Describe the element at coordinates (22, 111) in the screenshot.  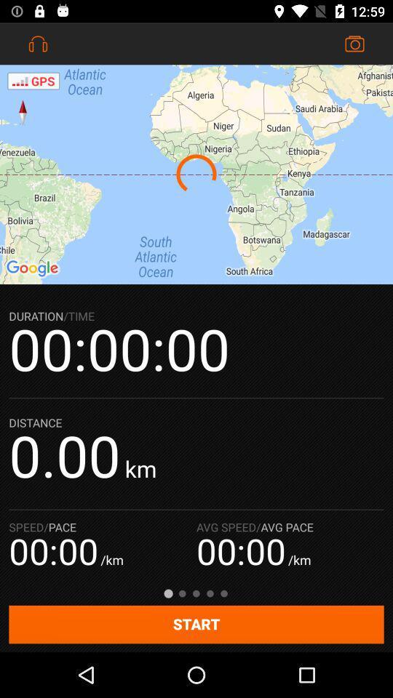
I see `the explore icon` at that location.